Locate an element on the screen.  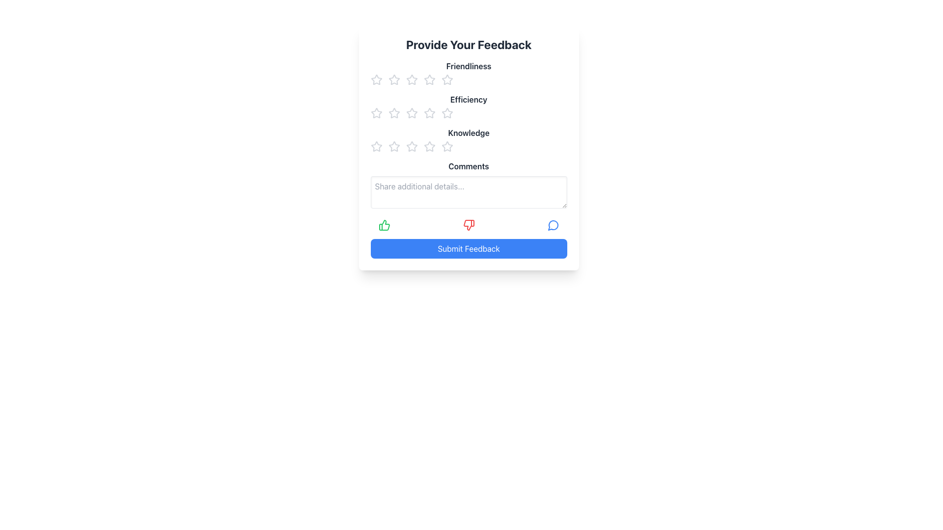
the blue speech bubble SVG icon button at the bottom right of the feedback form is located at coordinates (553, 225).